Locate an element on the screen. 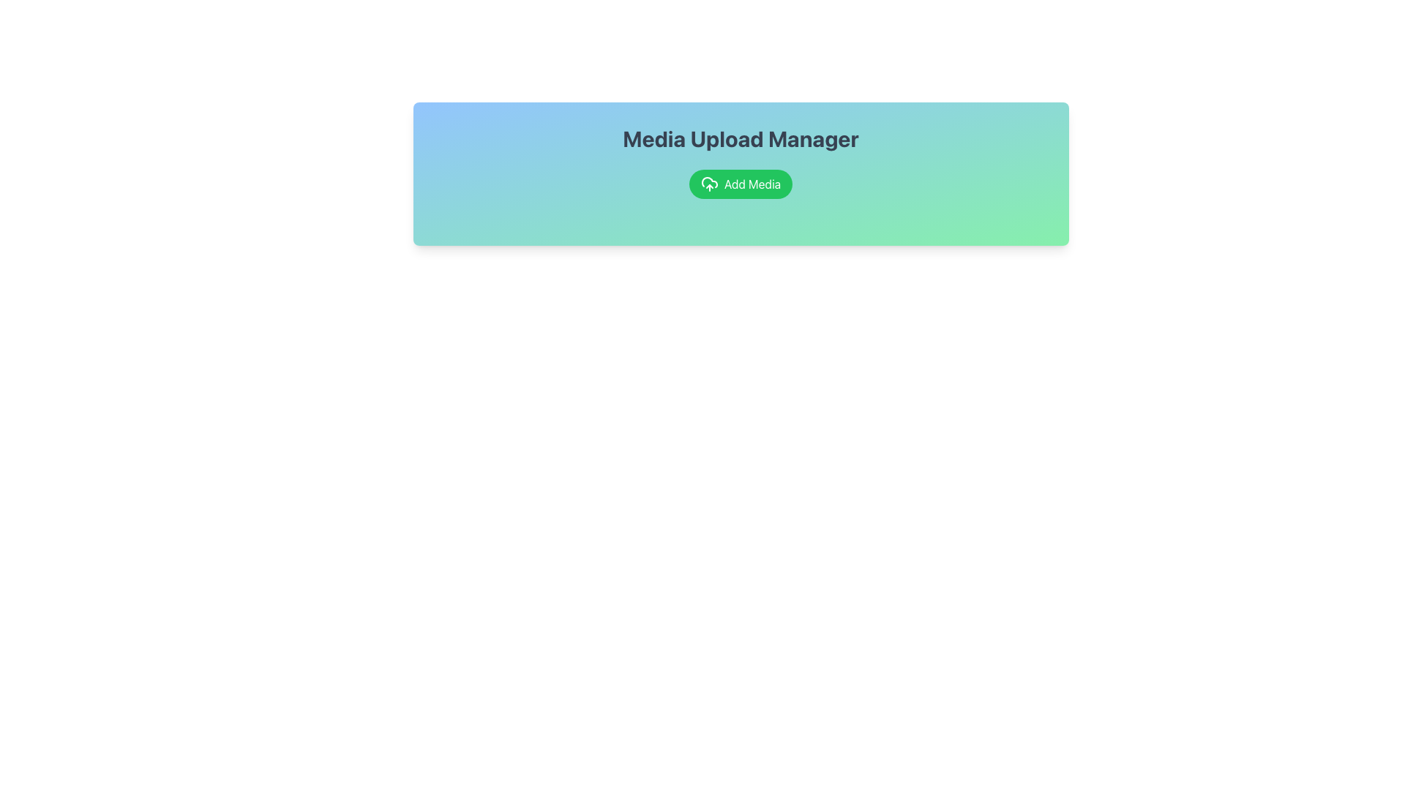  the green button in the Media Upload Manager module is located at coordinates (741, 173).